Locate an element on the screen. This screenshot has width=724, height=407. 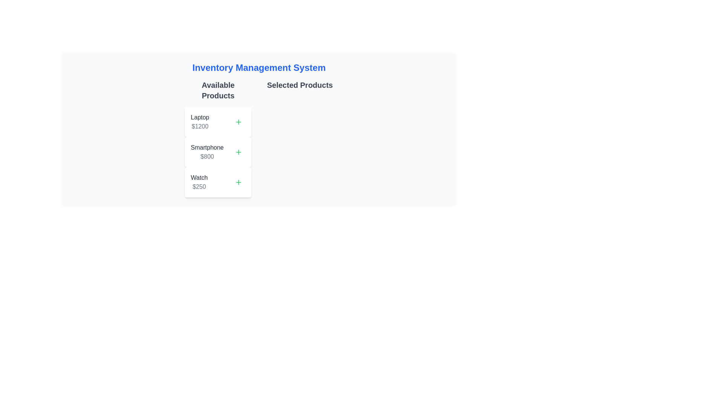
text content of the title label representing the product name located at the top-left corner of the first item card in the 'Available Products' section is located at coordinates (200, 118).